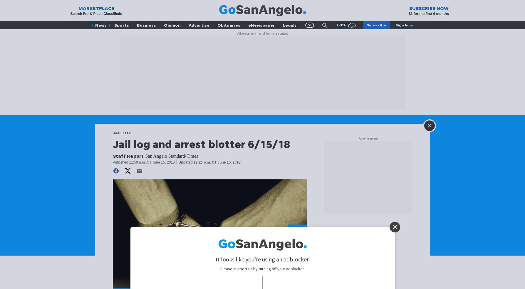 The image size is (525, 289). I want to click on 'Opinion', so click(172, 25).